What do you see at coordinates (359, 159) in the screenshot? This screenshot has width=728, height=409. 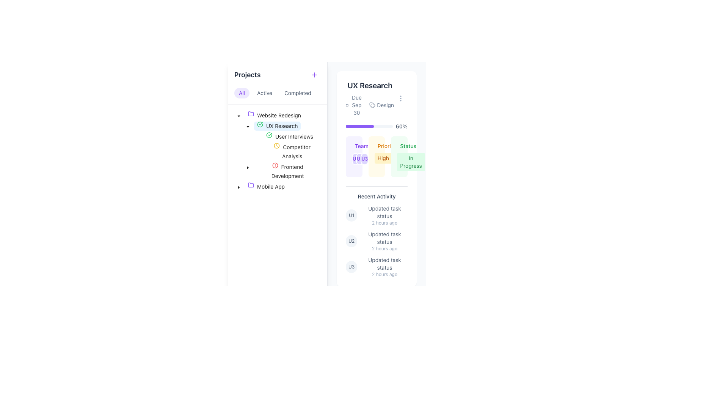 I see `the text label displaying 'U2' in purple color, located inside a rounded rectangle below the 'Team' label` at bounding box center [359, 159].